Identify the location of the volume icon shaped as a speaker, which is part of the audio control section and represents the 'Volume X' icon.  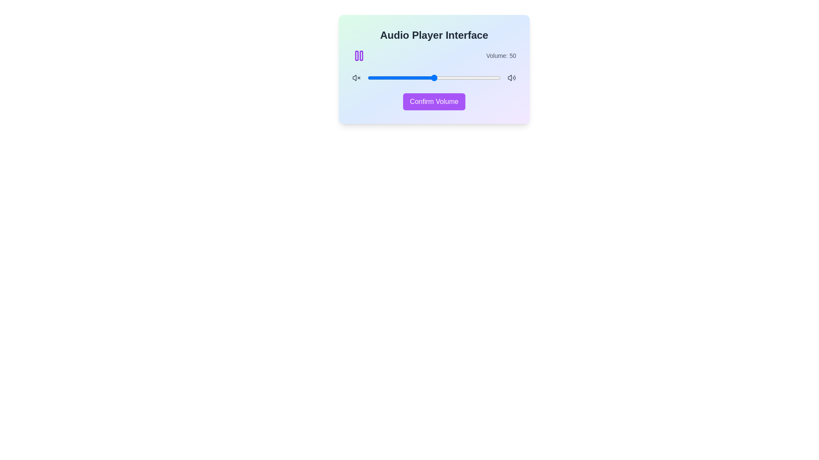
(354, 78).